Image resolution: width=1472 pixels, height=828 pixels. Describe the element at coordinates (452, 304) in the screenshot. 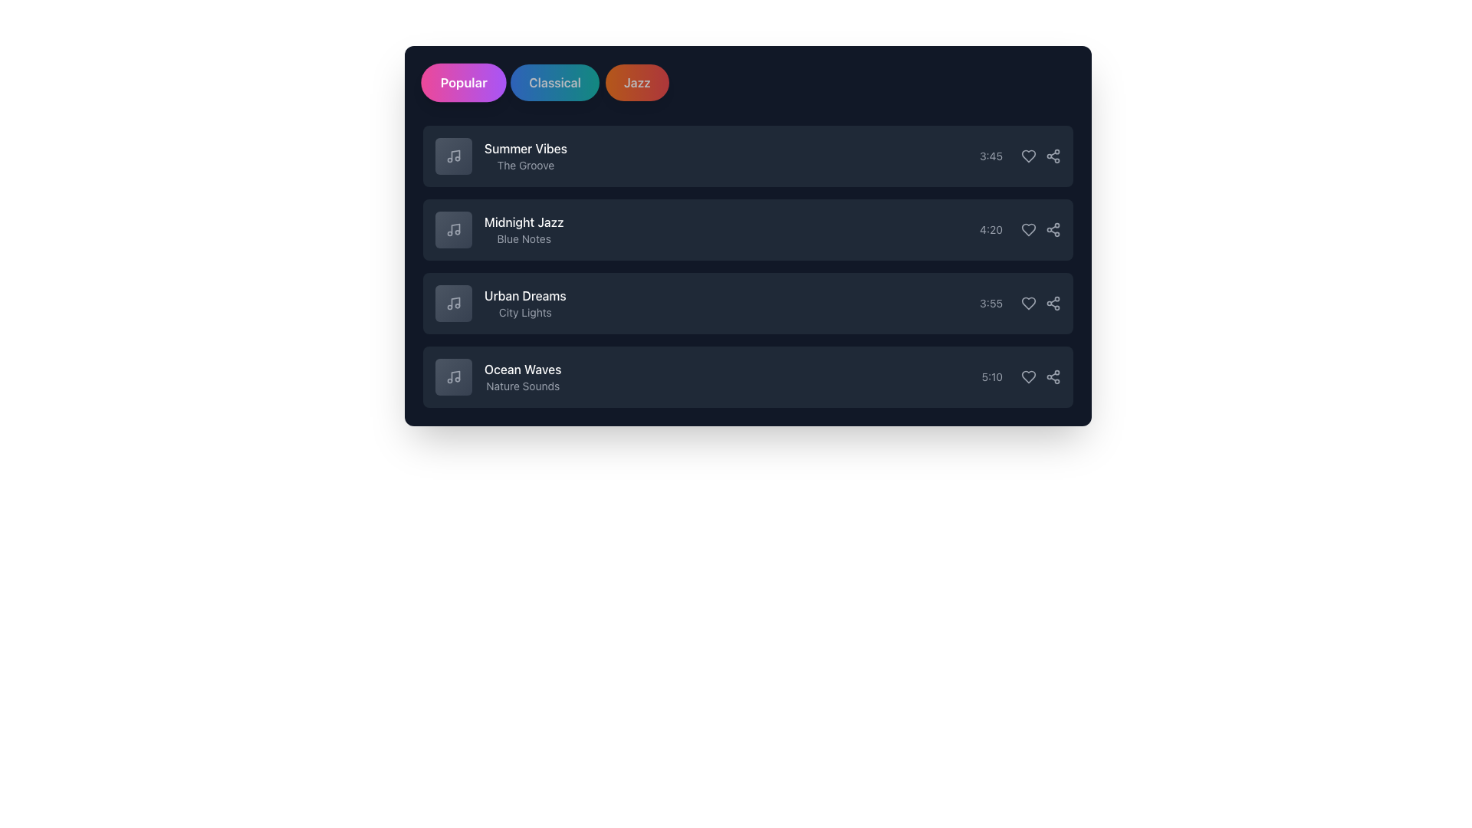

I see `the music-related icon located to the left of the third list item labeled 'Urban Dreams'` at that location.